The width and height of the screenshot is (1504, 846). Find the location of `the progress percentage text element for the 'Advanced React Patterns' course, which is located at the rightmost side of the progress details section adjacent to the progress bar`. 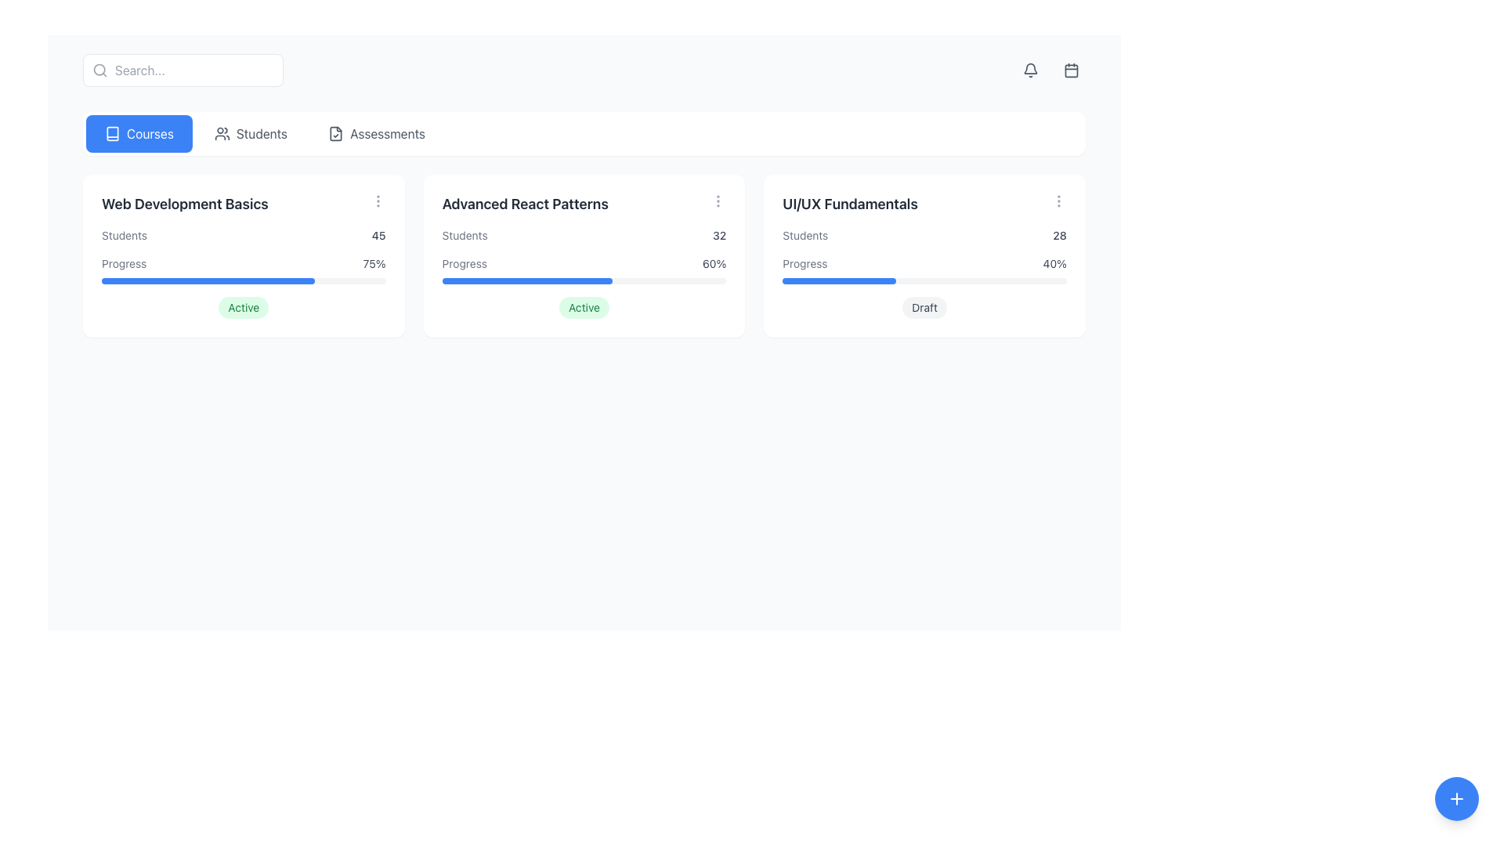

the progress percentage text element for the 'Advanced React Patterns' course, which is located at the rightmost side of the progress details section adjacent to the progress bar is located at coordinates (714, 262).